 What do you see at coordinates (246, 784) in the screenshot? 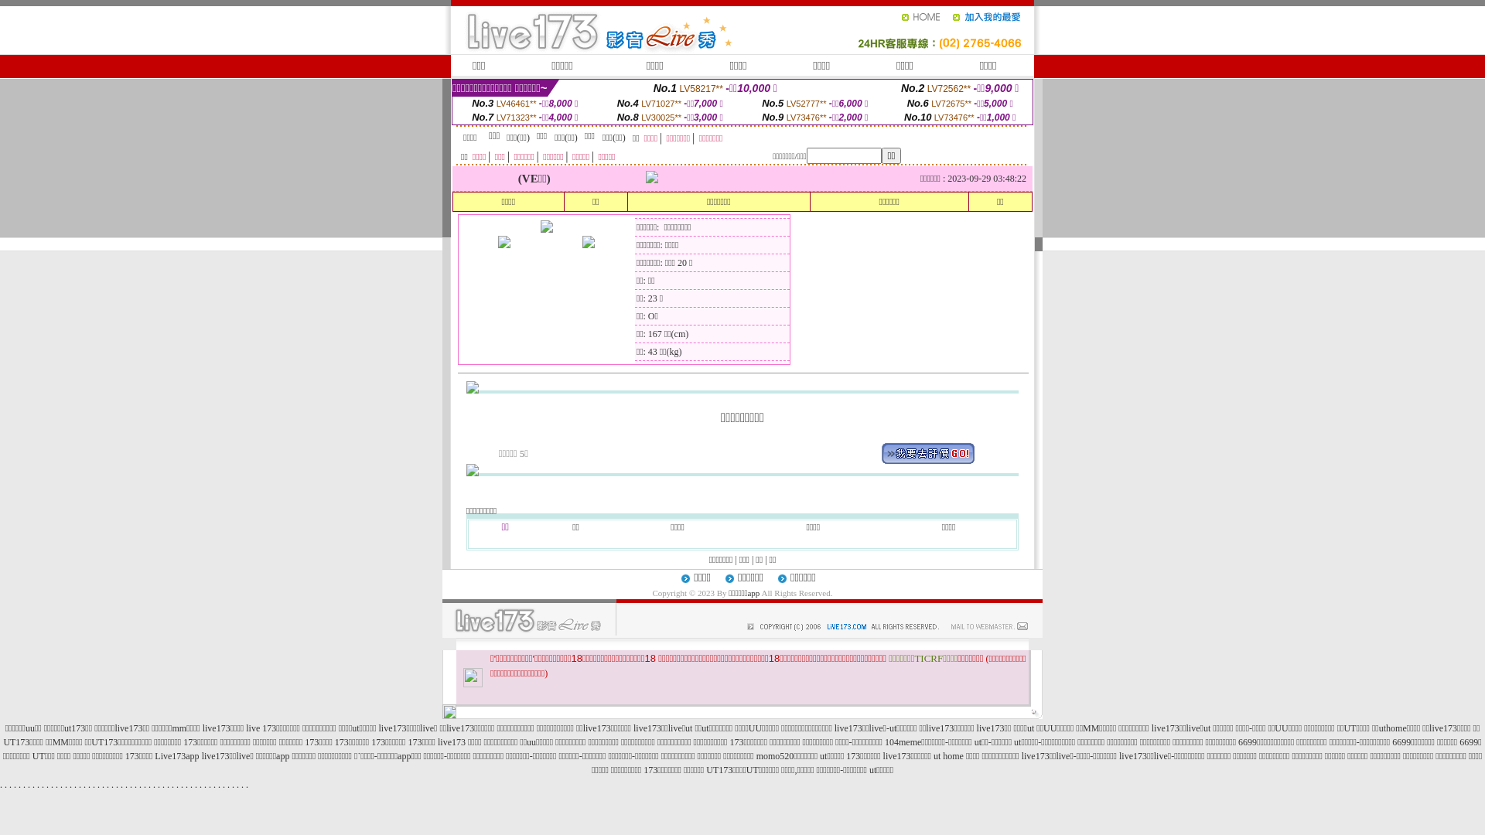
I see `'.'` at bounding box center [246, 784].